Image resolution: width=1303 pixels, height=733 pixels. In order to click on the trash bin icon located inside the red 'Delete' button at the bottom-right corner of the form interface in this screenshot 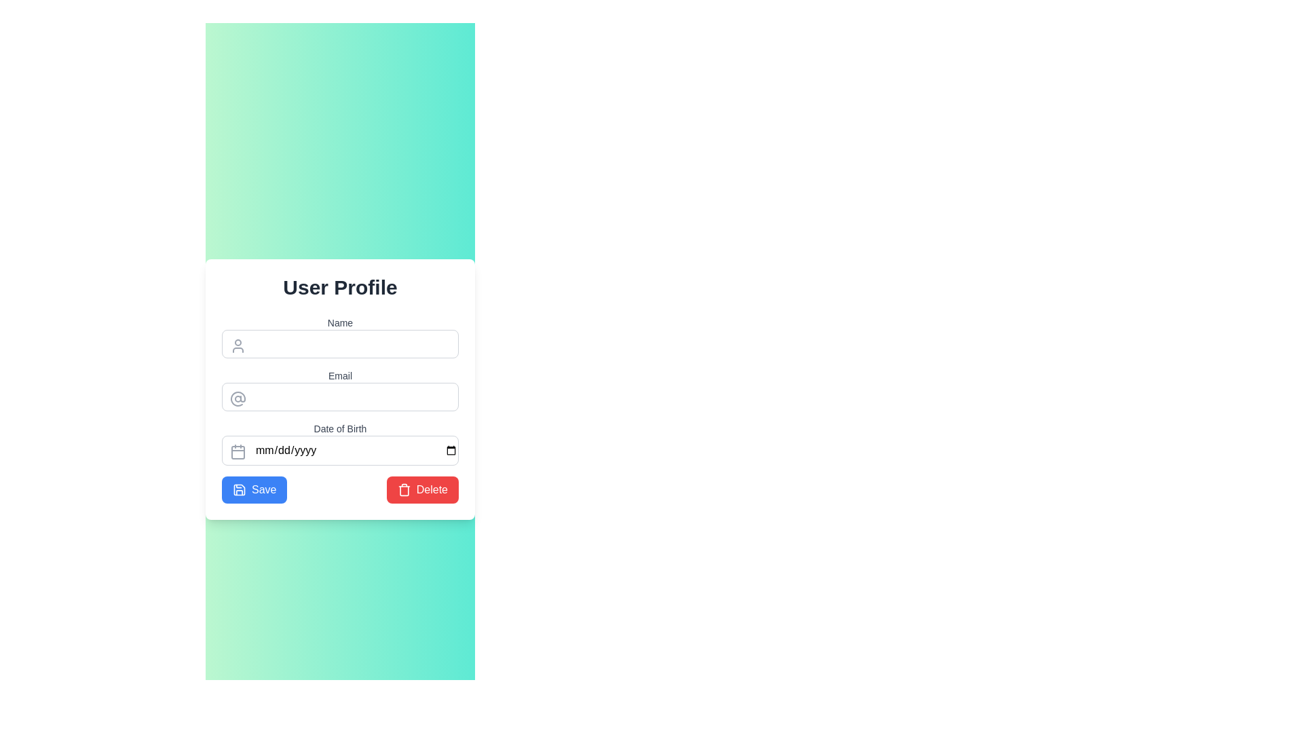, I will do `click(403, 489)`.